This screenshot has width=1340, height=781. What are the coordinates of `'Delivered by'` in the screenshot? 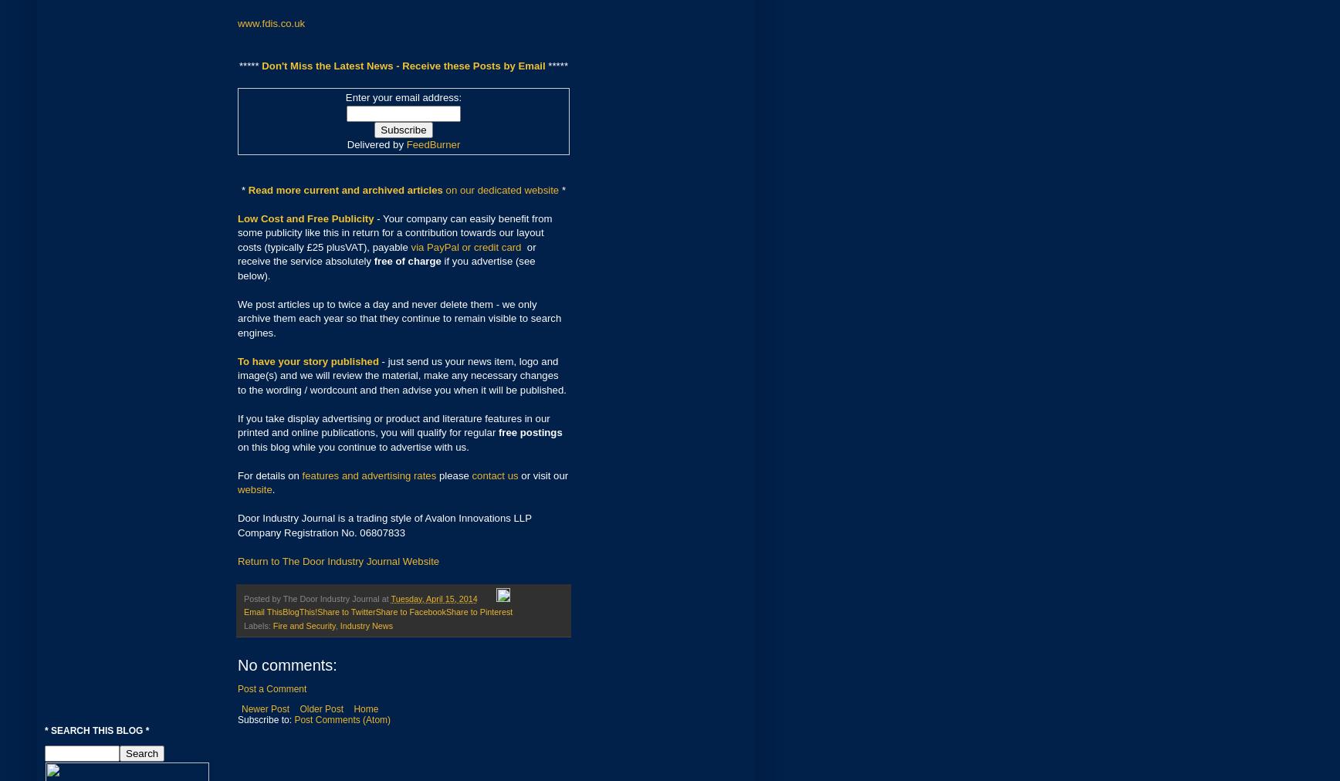 It's located at (376, 144).